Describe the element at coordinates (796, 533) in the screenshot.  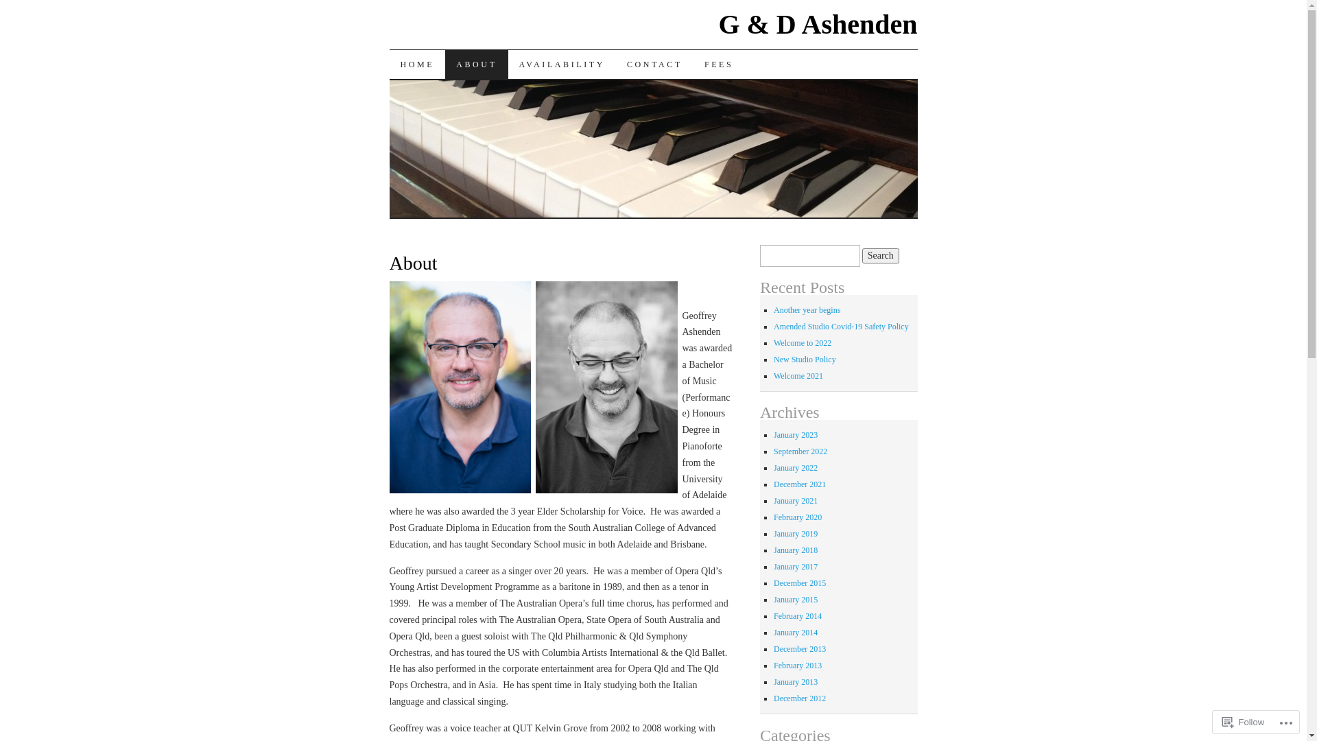
I see `'January 2019'` at that location.